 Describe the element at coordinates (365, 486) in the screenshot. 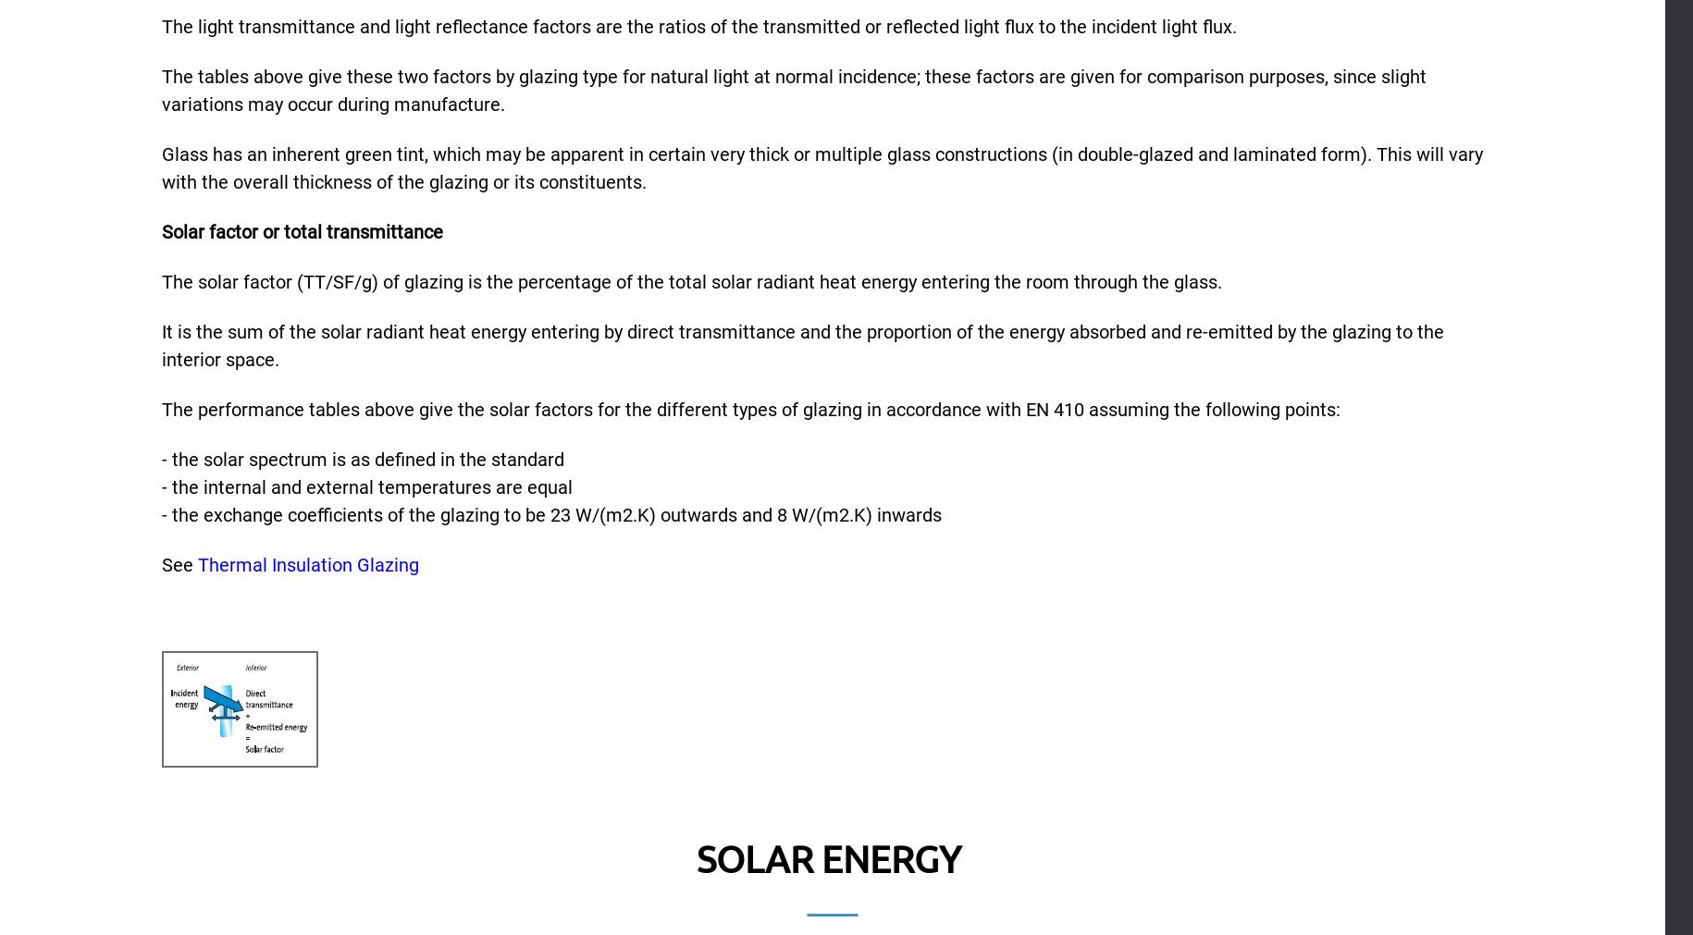

I see `'- the internal and external temperatures are equal'` at that location.